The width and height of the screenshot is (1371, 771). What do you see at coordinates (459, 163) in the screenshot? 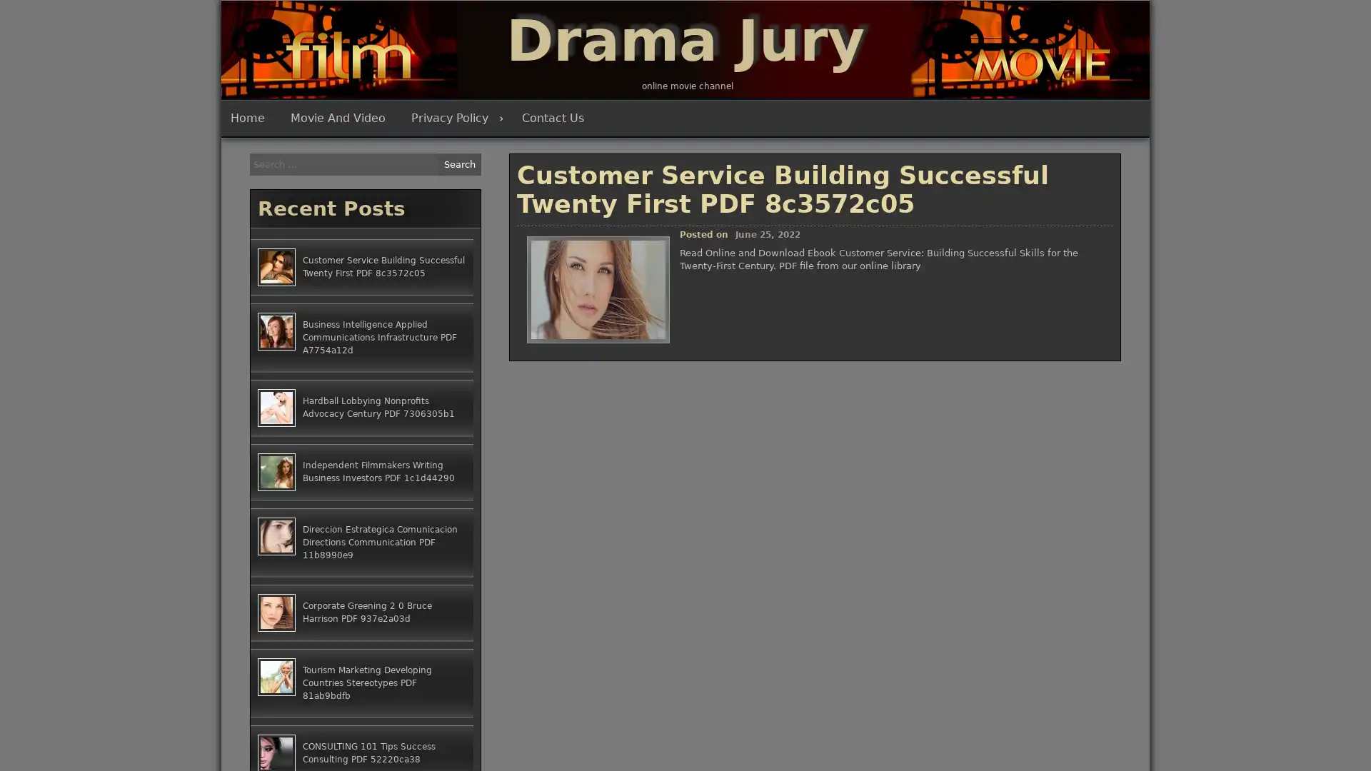
I see `Search` at bounding box center [459, 163].